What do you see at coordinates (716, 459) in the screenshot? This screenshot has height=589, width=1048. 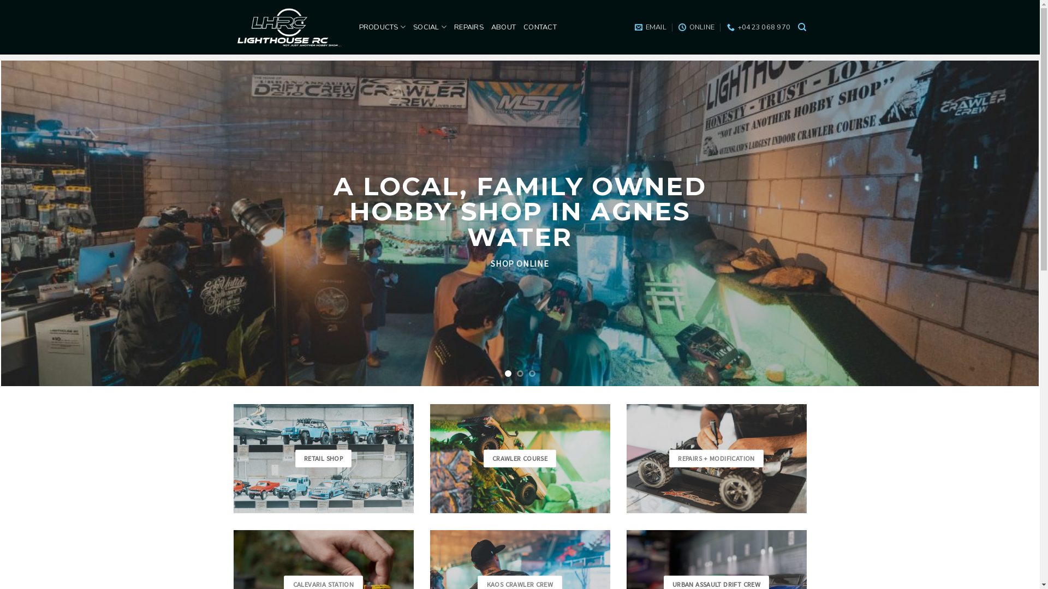 I see `'REPAIRS + MODIFICATION'` at bounding box center [716, 459].